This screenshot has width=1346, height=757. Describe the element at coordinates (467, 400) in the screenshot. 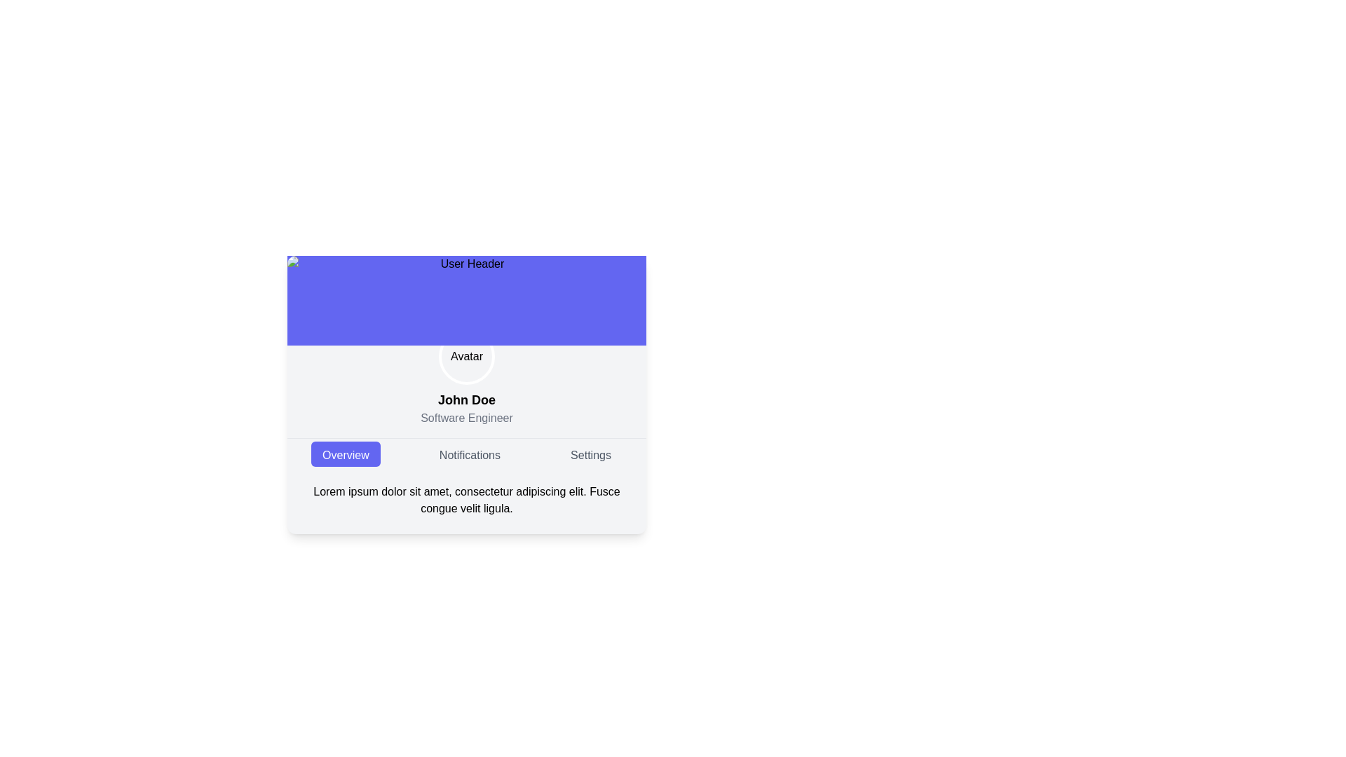

I see `the prominently styled static text label displaying the name 'John Doe' which is centrally aligned and positioned between the avatar image and the designation text` at that location.